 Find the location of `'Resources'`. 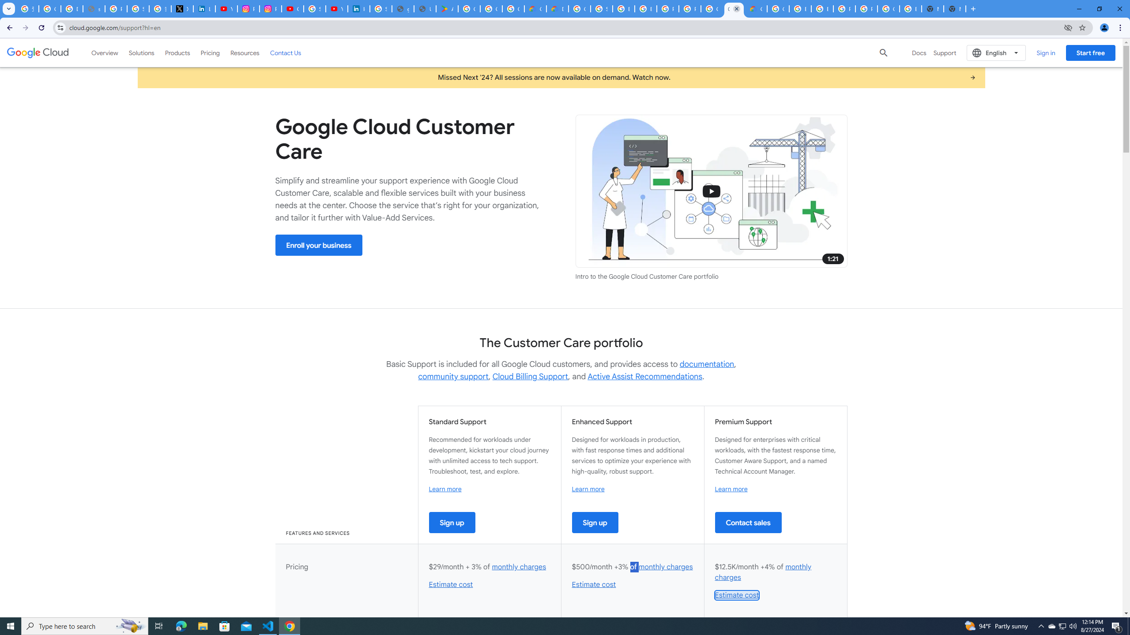

'Resources' is located at coordinates (245, 52).